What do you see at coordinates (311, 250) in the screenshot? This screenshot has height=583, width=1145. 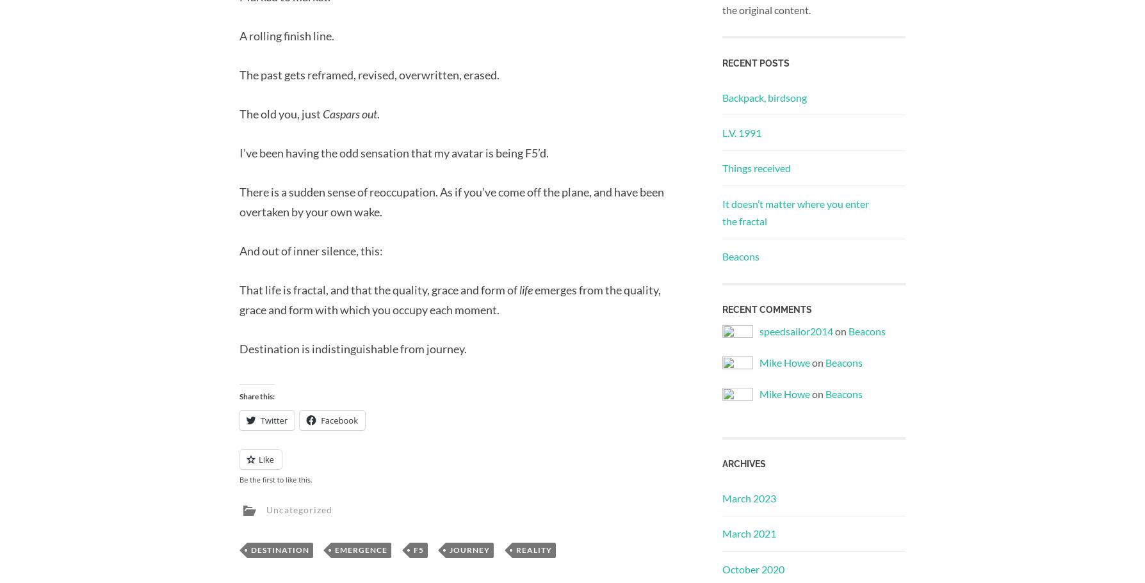 I see `'And out of inner silence, this:'` at bounding box center [311, 250].